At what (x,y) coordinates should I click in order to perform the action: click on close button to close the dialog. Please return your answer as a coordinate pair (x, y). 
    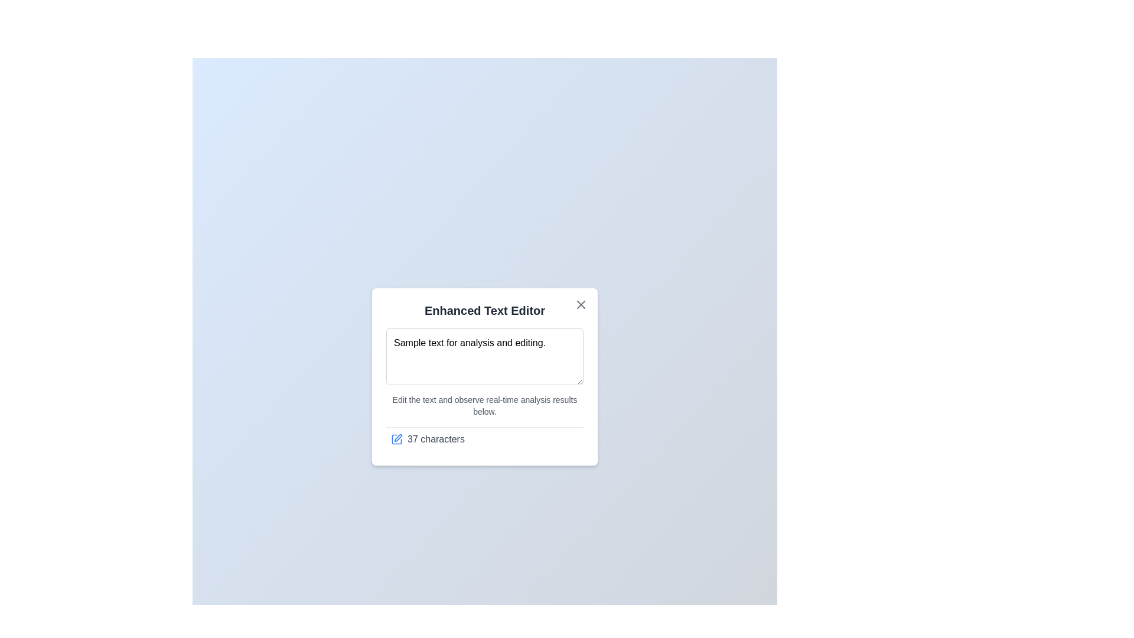
    Looking at the image, I should click on (581, 304).